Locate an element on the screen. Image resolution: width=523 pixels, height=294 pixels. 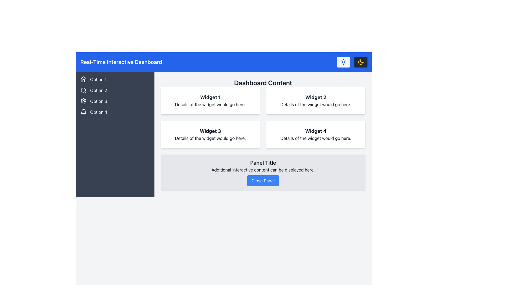
the header text element located at the top title of the rightmost widget box on the first row of the dashboard content area is located at coordinates (316, 97).